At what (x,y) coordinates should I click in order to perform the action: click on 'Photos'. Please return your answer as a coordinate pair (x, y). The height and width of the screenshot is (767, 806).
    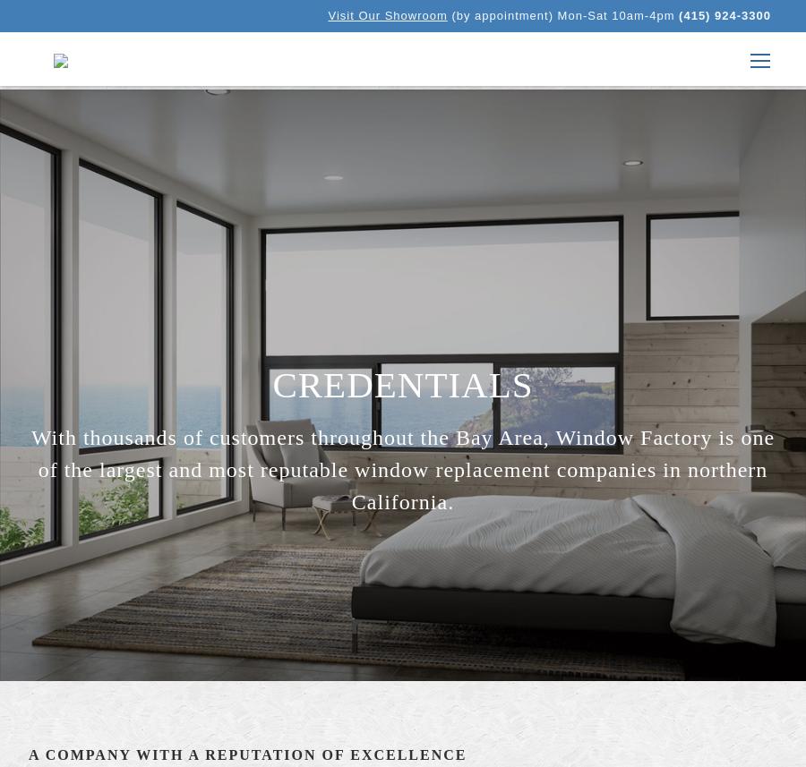
    Looking at the image, I should click on (618, 239).